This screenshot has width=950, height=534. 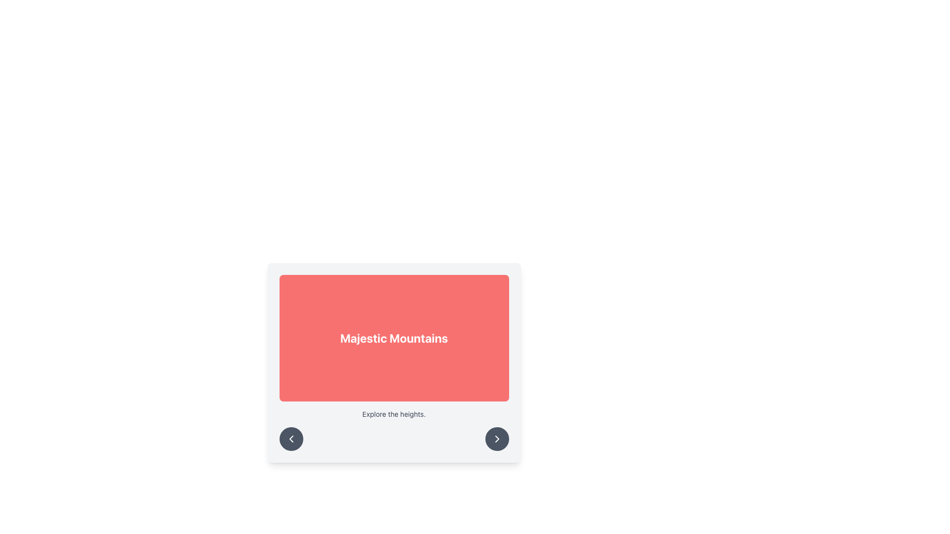 I want to click on the 'Majestic Mountains' Text Banner, which displays a bold white title on a red background, centrally located near the top-middle of the panel, so click(x=393, y=361).